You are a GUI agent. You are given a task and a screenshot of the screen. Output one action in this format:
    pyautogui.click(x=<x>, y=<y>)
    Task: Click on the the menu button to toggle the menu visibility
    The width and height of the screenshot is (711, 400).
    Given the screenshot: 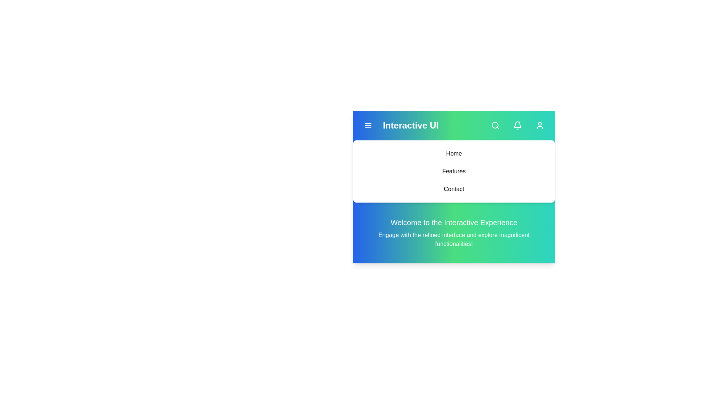 What is the action you would take?
    pyautogui.click(x=368, y=125)
    